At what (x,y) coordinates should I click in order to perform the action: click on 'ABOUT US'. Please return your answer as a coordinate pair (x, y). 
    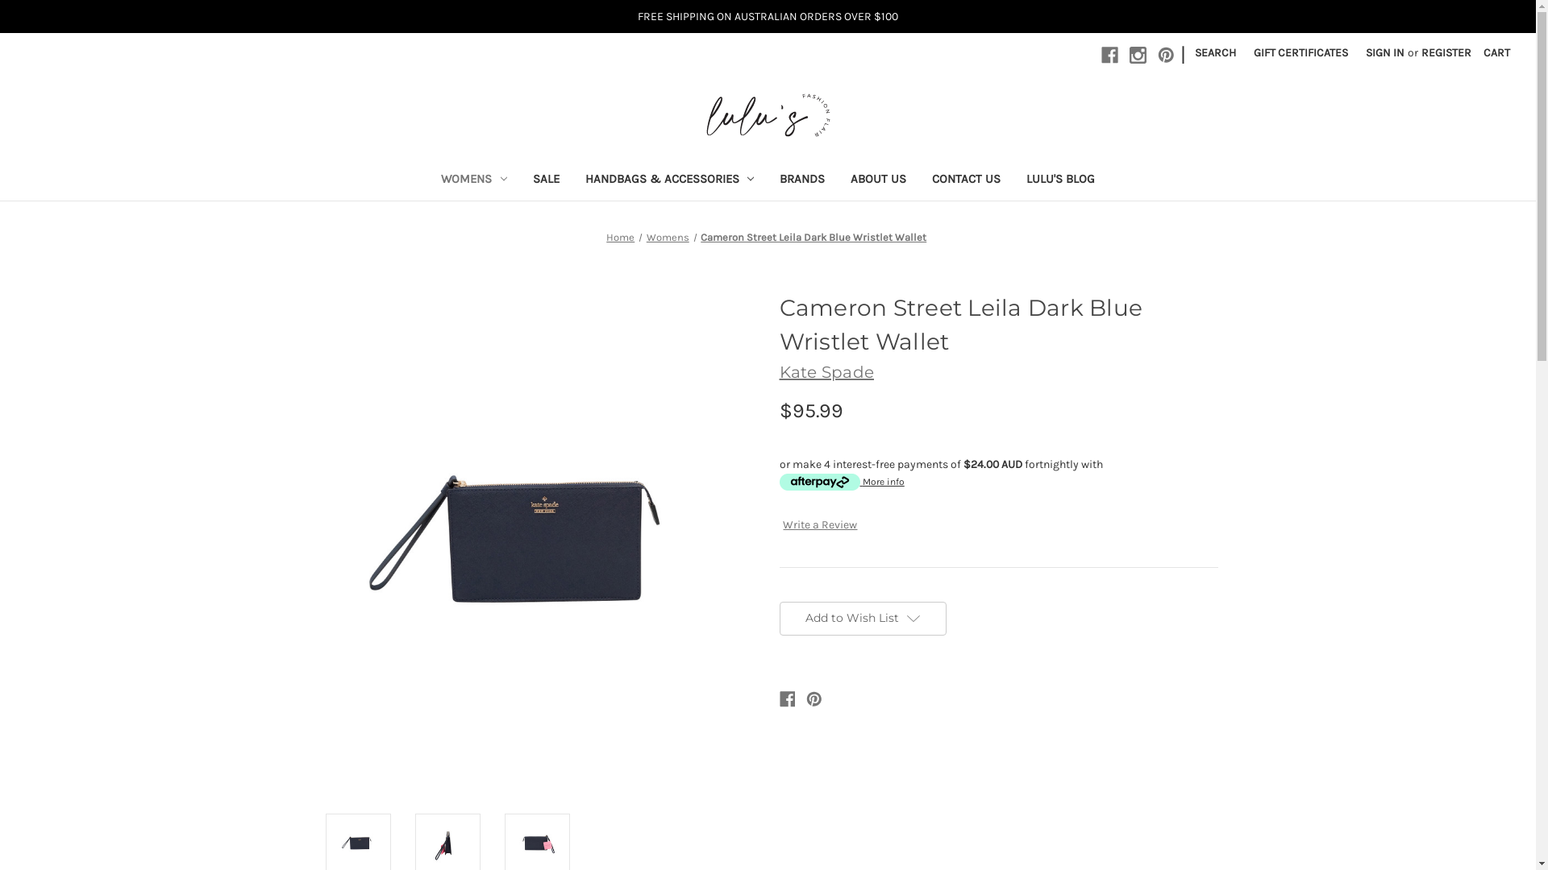
    Looking at the image, I should click on (877, 180).